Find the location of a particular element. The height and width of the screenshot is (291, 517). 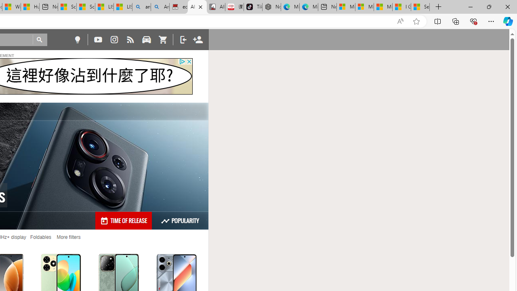

'All Cubot phones' is located at coordinates (216, 7).